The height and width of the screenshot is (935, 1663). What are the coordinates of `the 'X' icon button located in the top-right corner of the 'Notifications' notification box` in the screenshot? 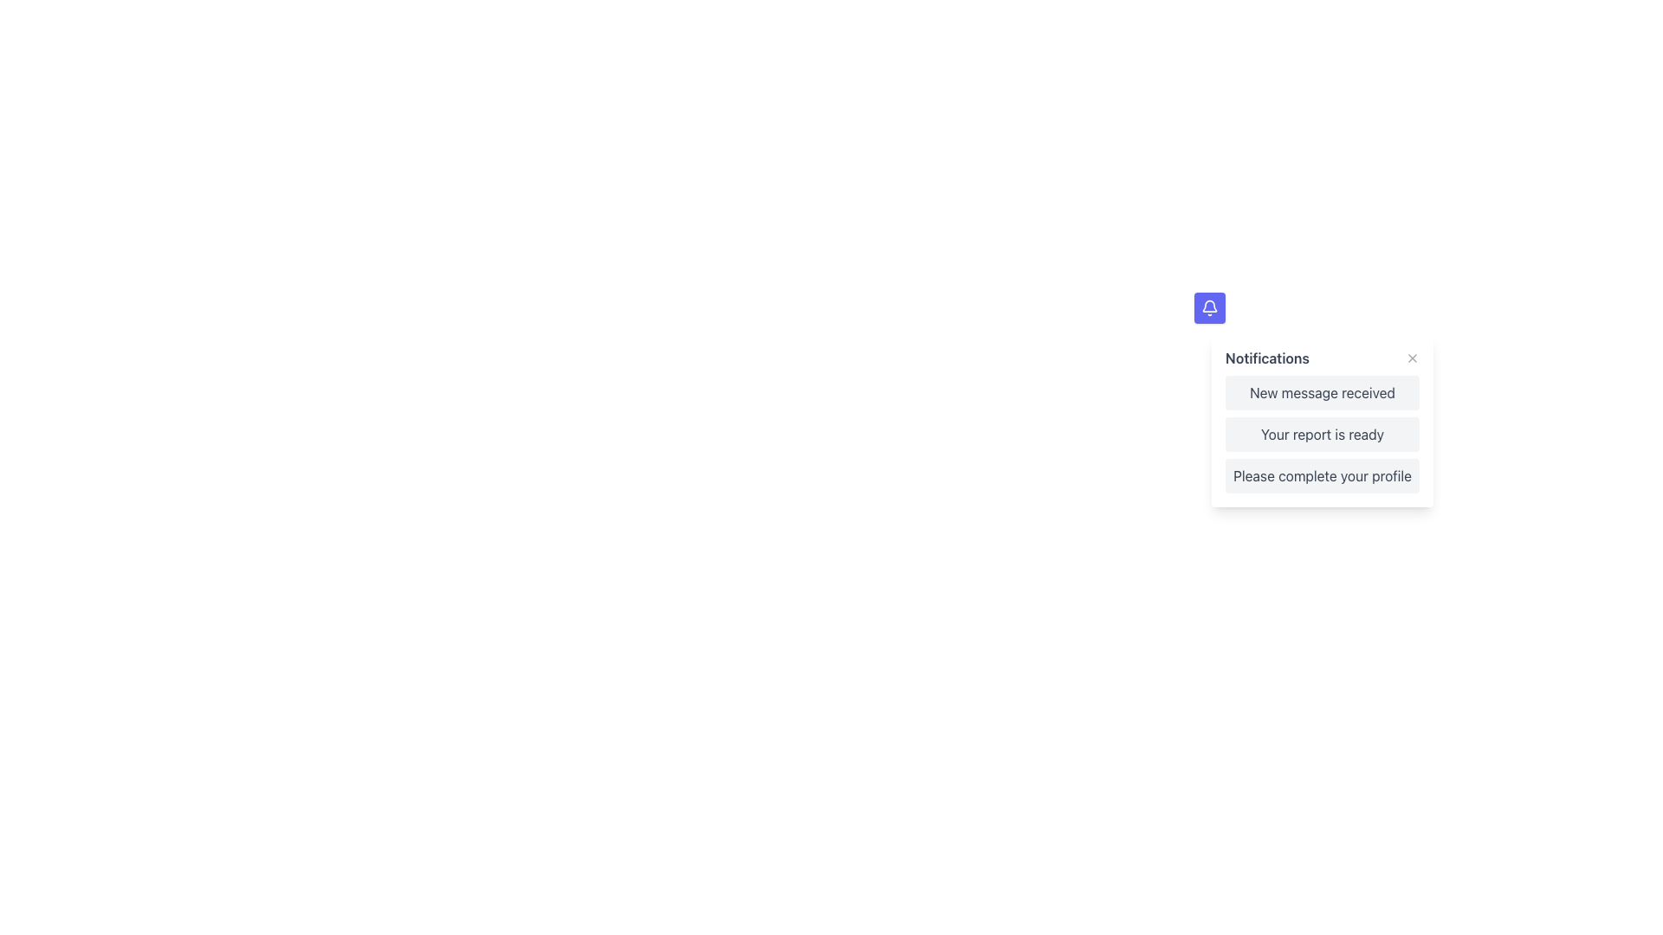 It's located at (1413, 357).